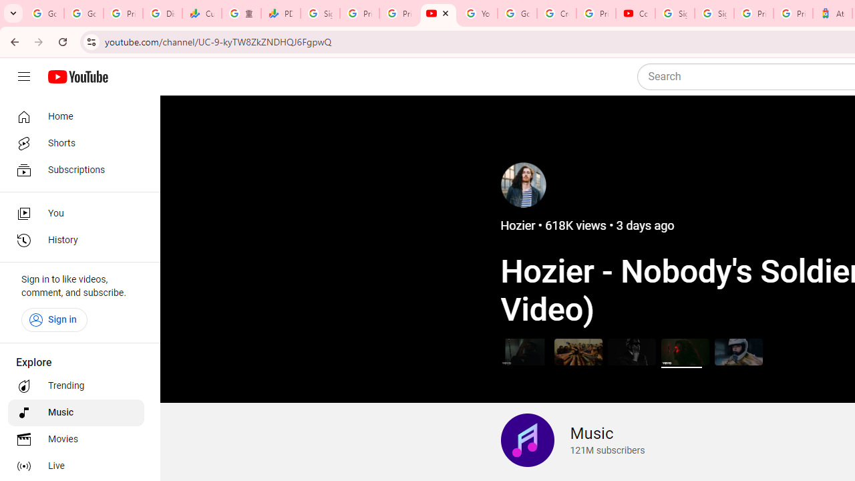 The width and height of the screenshot is (855, 481). I want to click on 'Create your Google Account', so click(556, 13).